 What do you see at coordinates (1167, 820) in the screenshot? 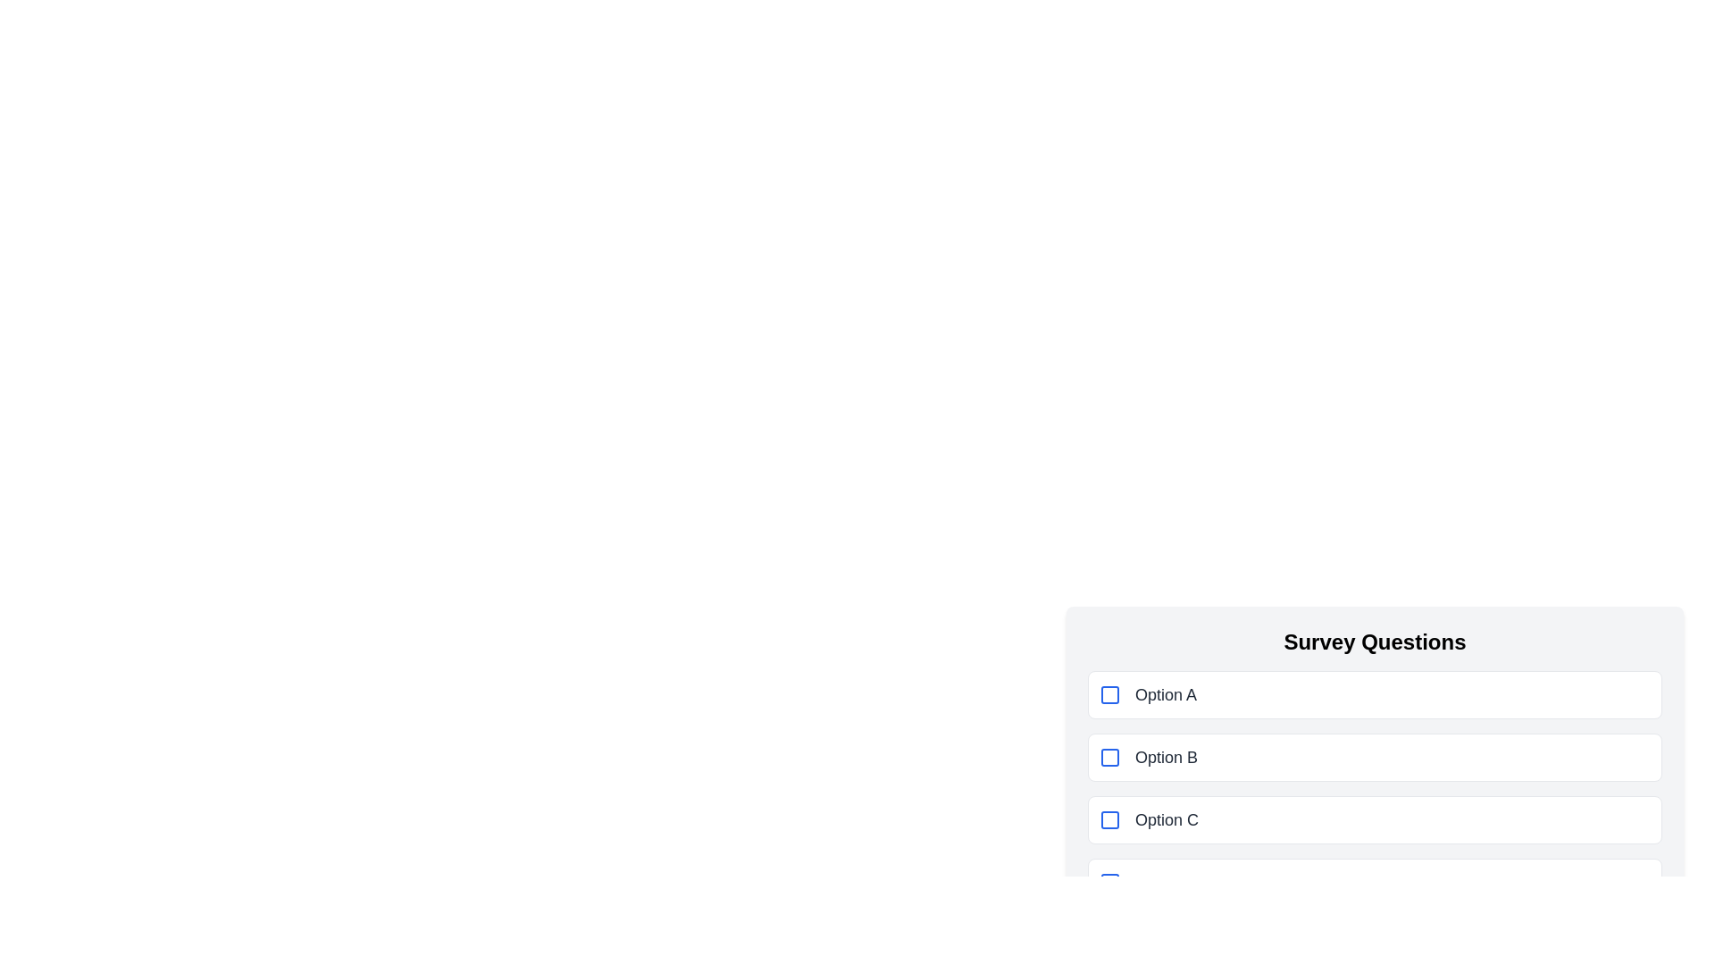
I see `the third text label in the survey questions section, which represents the third selectable option in the list` at bounding box center [1167, 820].